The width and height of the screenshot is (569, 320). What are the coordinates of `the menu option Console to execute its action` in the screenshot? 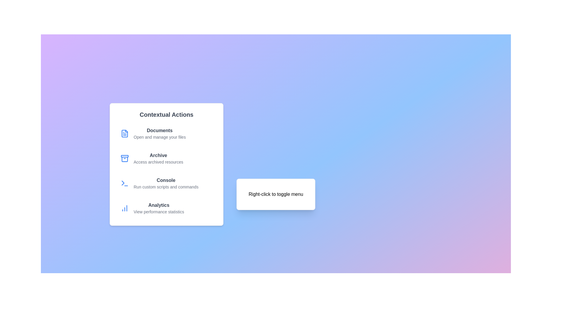 It's located at (166, 183).